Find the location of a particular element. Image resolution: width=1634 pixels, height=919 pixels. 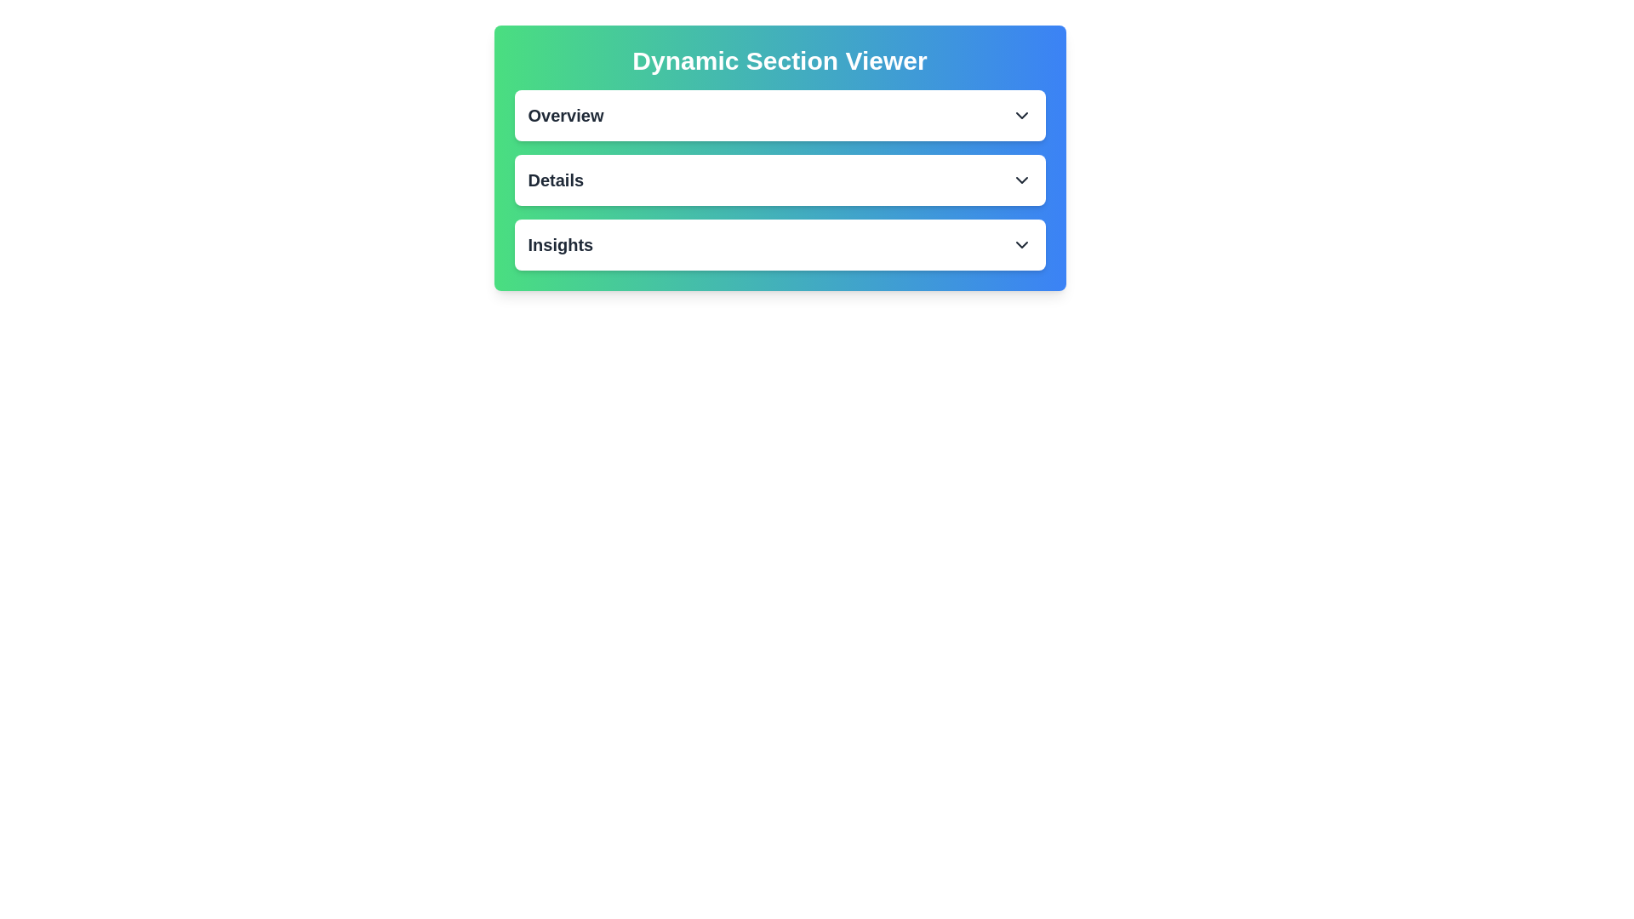

the 'Details' header element is located at coordinates (556, 180).